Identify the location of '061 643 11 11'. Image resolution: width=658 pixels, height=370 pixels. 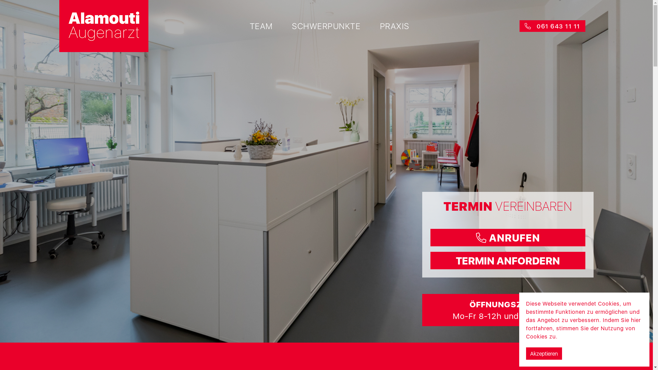
(552, 25).